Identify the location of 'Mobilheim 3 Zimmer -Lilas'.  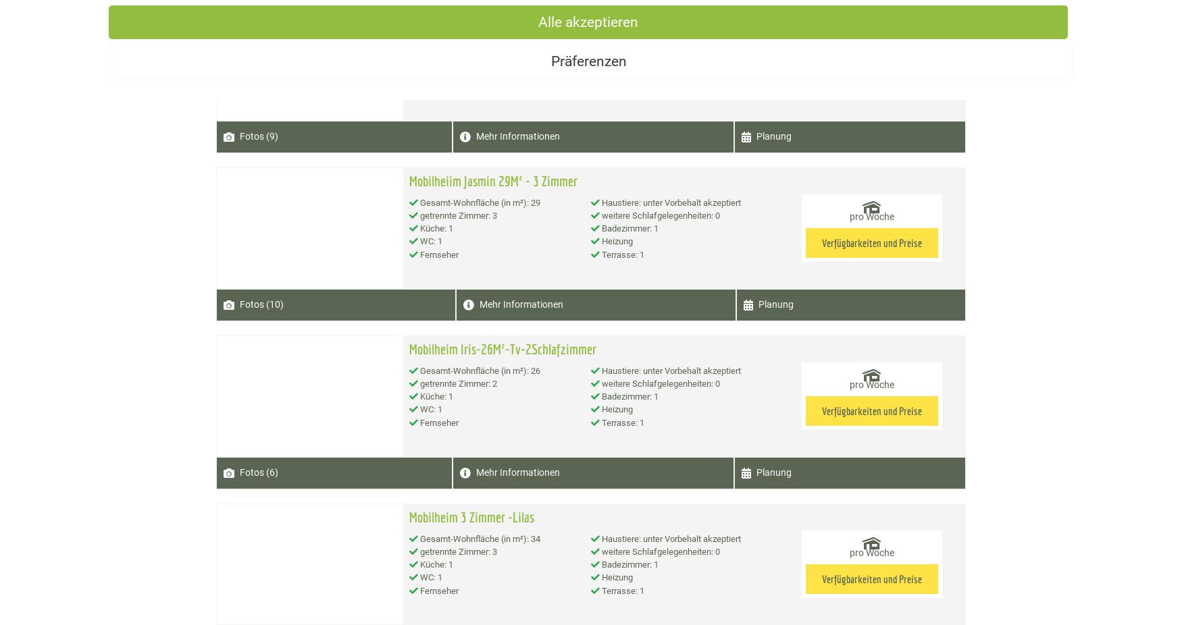
(471, 516).